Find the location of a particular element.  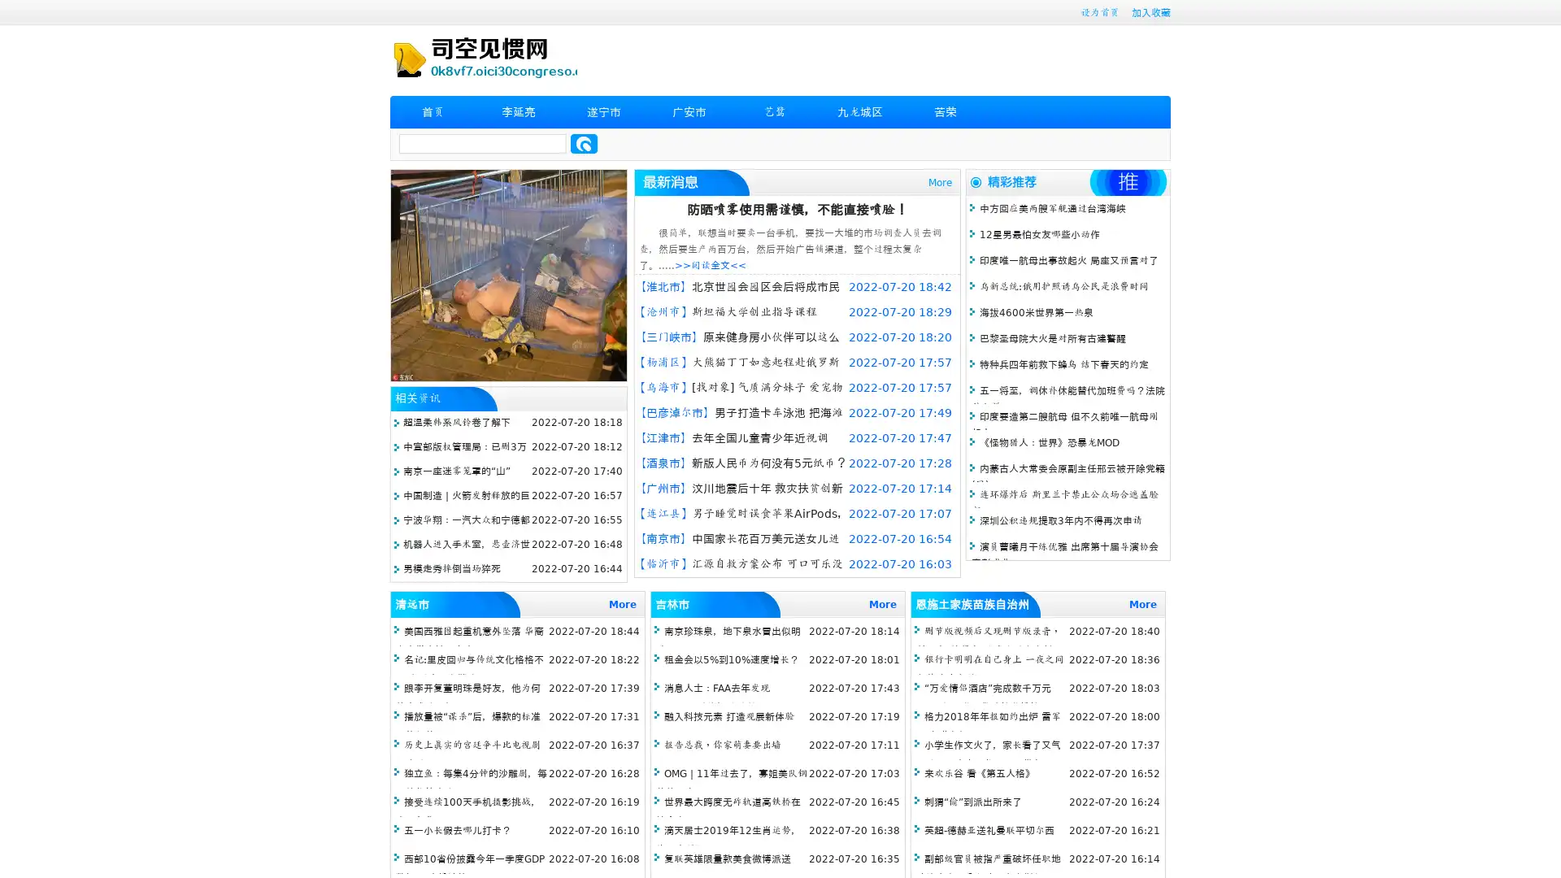

Search is located at coordinates (584, 143).